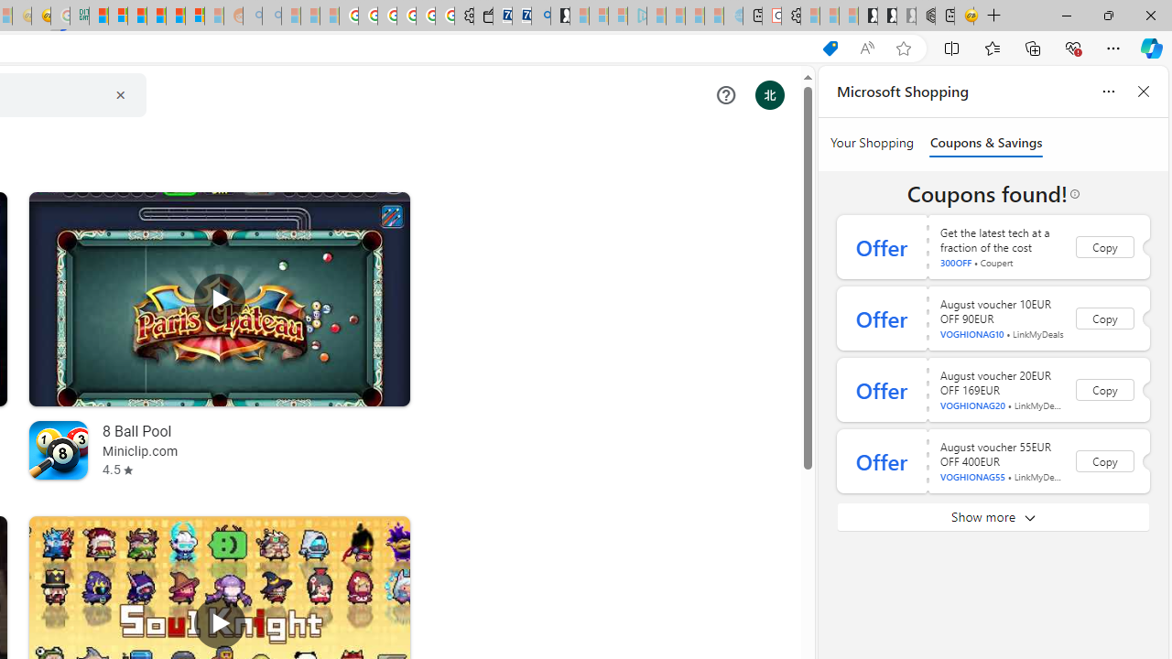  What do you see at coordinates (991, 47) in the screenshot?
I see `'Favorites'` at bounding box center [991, 47].